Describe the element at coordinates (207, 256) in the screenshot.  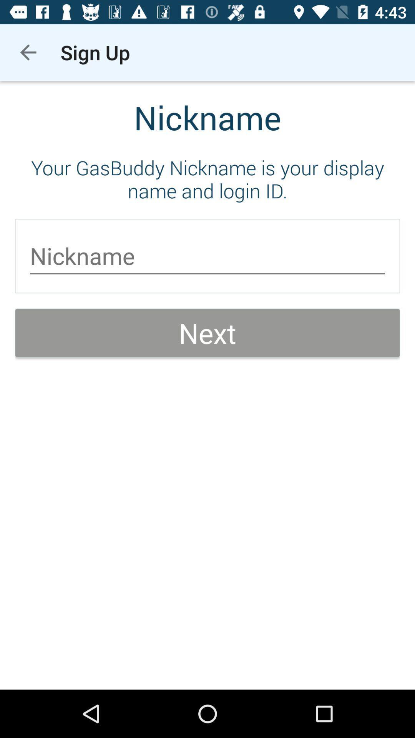
I see `item below the your gasbuddy nickname item` at that location.